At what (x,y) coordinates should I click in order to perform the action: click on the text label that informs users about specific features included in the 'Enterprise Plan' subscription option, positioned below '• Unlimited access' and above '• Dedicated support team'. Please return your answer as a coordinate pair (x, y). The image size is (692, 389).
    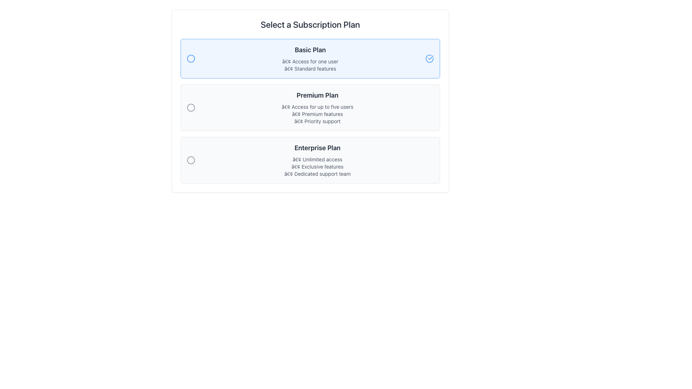
    Looking at the image, I should click on (317, 166).